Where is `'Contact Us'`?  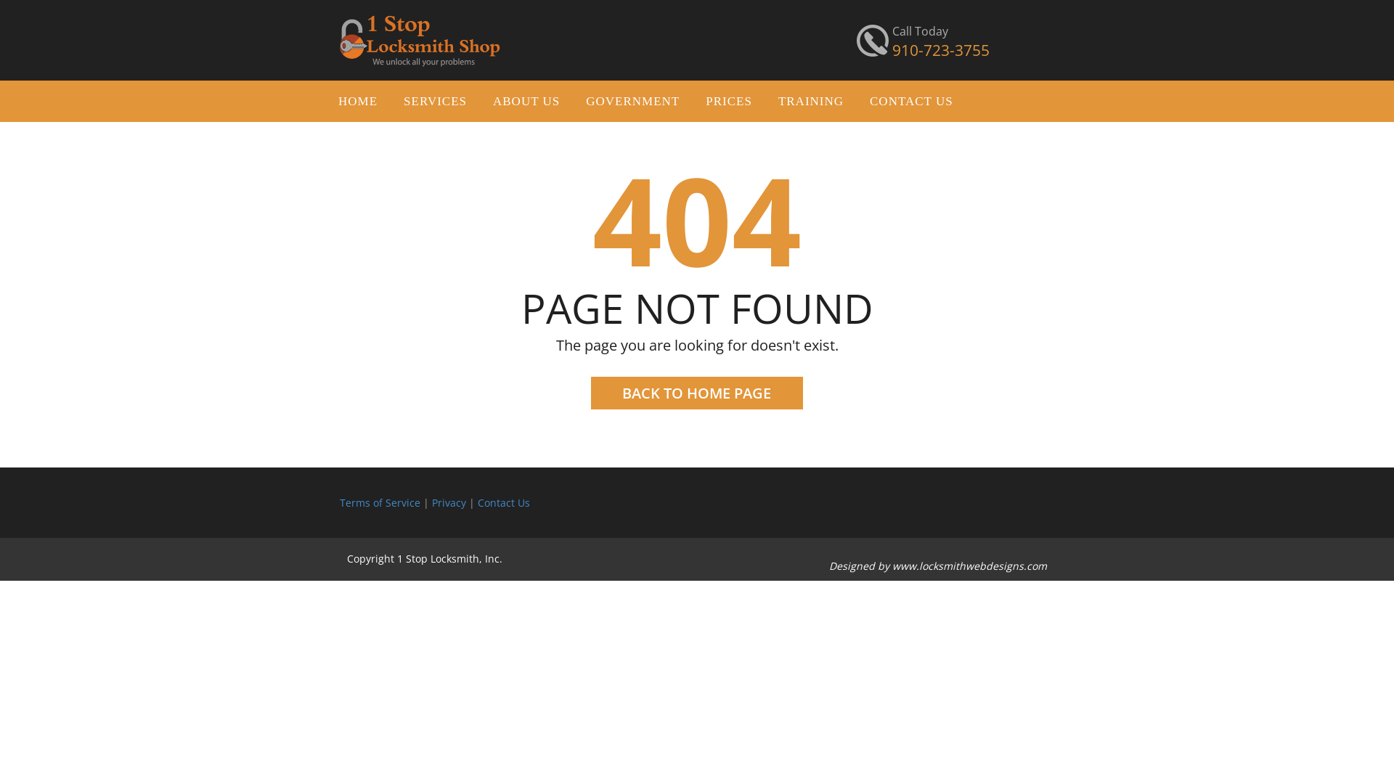
'Contact Us' is located at coordinates (504, 502).